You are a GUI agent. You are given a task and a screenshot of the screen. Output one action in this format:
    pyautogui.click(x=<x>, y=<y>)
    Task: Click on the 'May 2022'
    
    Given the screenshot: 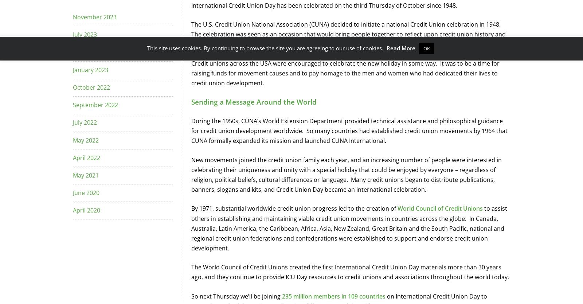 What is the action you would take?
    pyautogui.click(x=73, y=139)
    